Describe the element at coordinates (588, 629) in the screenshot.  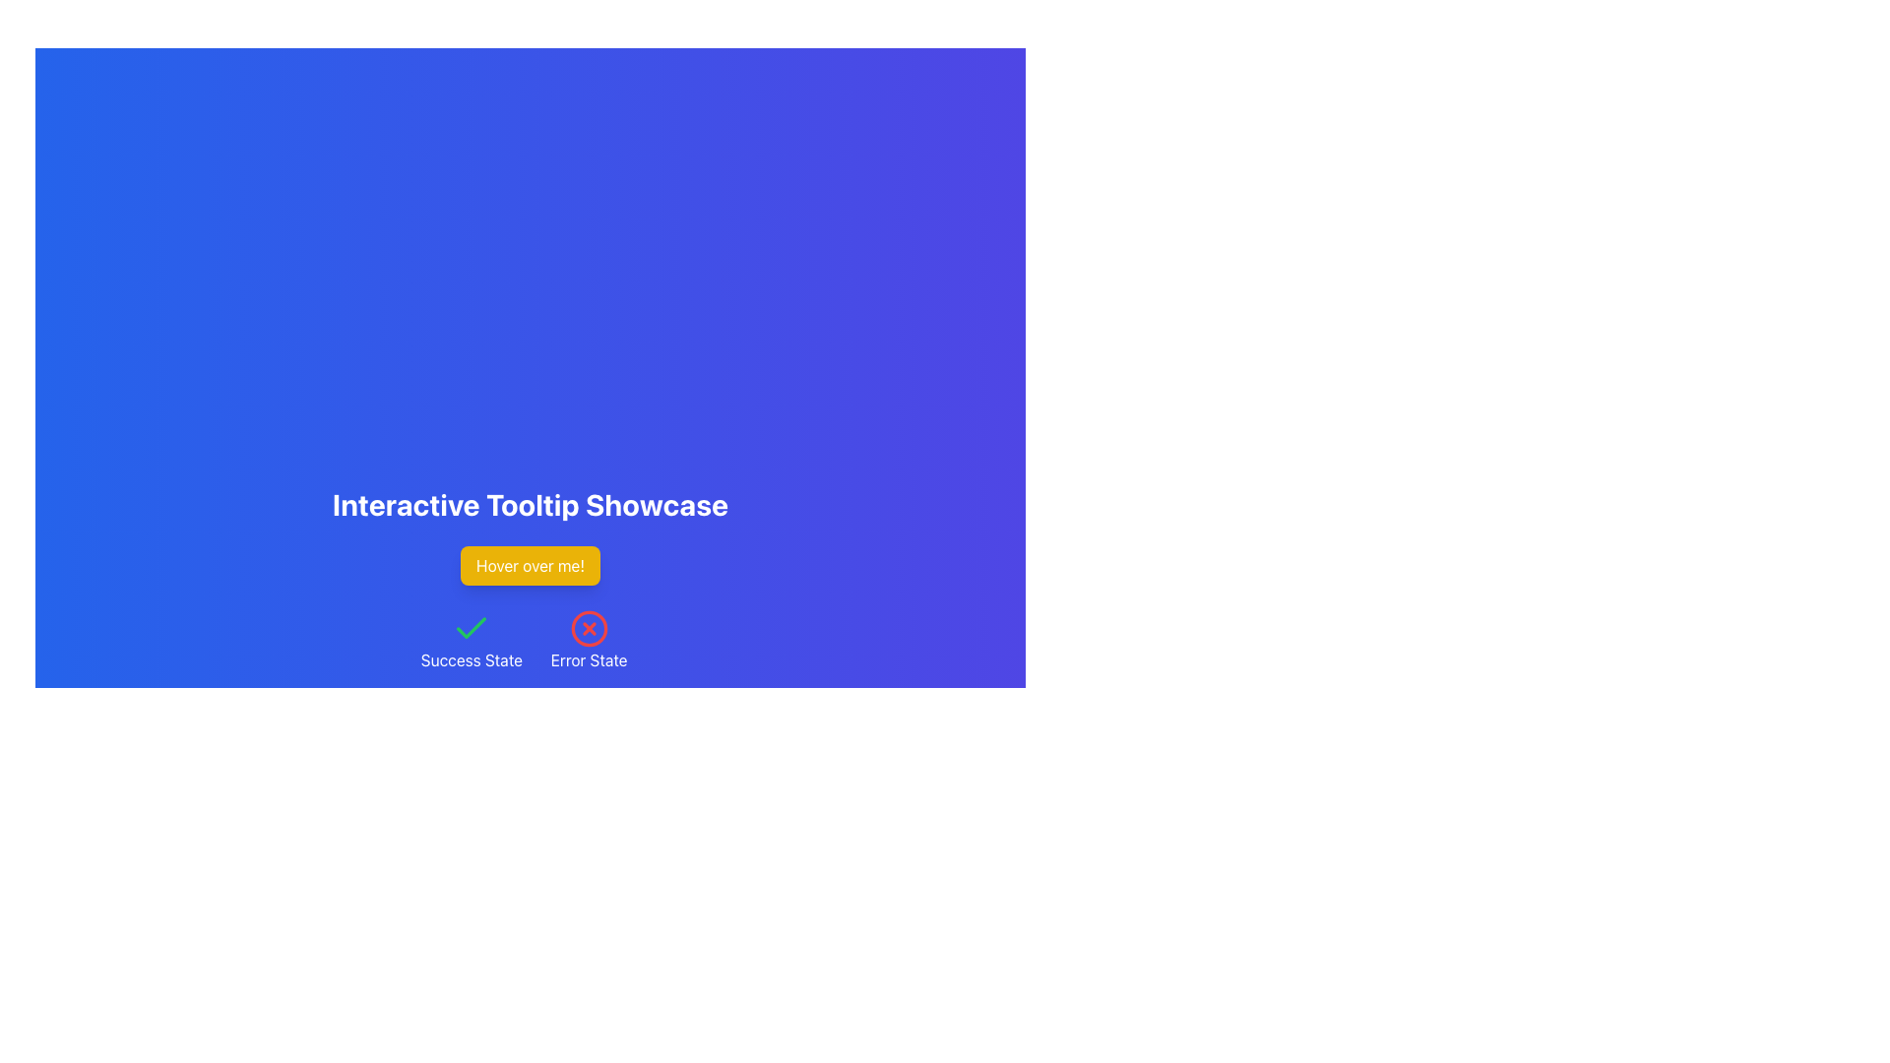
I see `the circular error state icon with an embedded 'X'` at that location.